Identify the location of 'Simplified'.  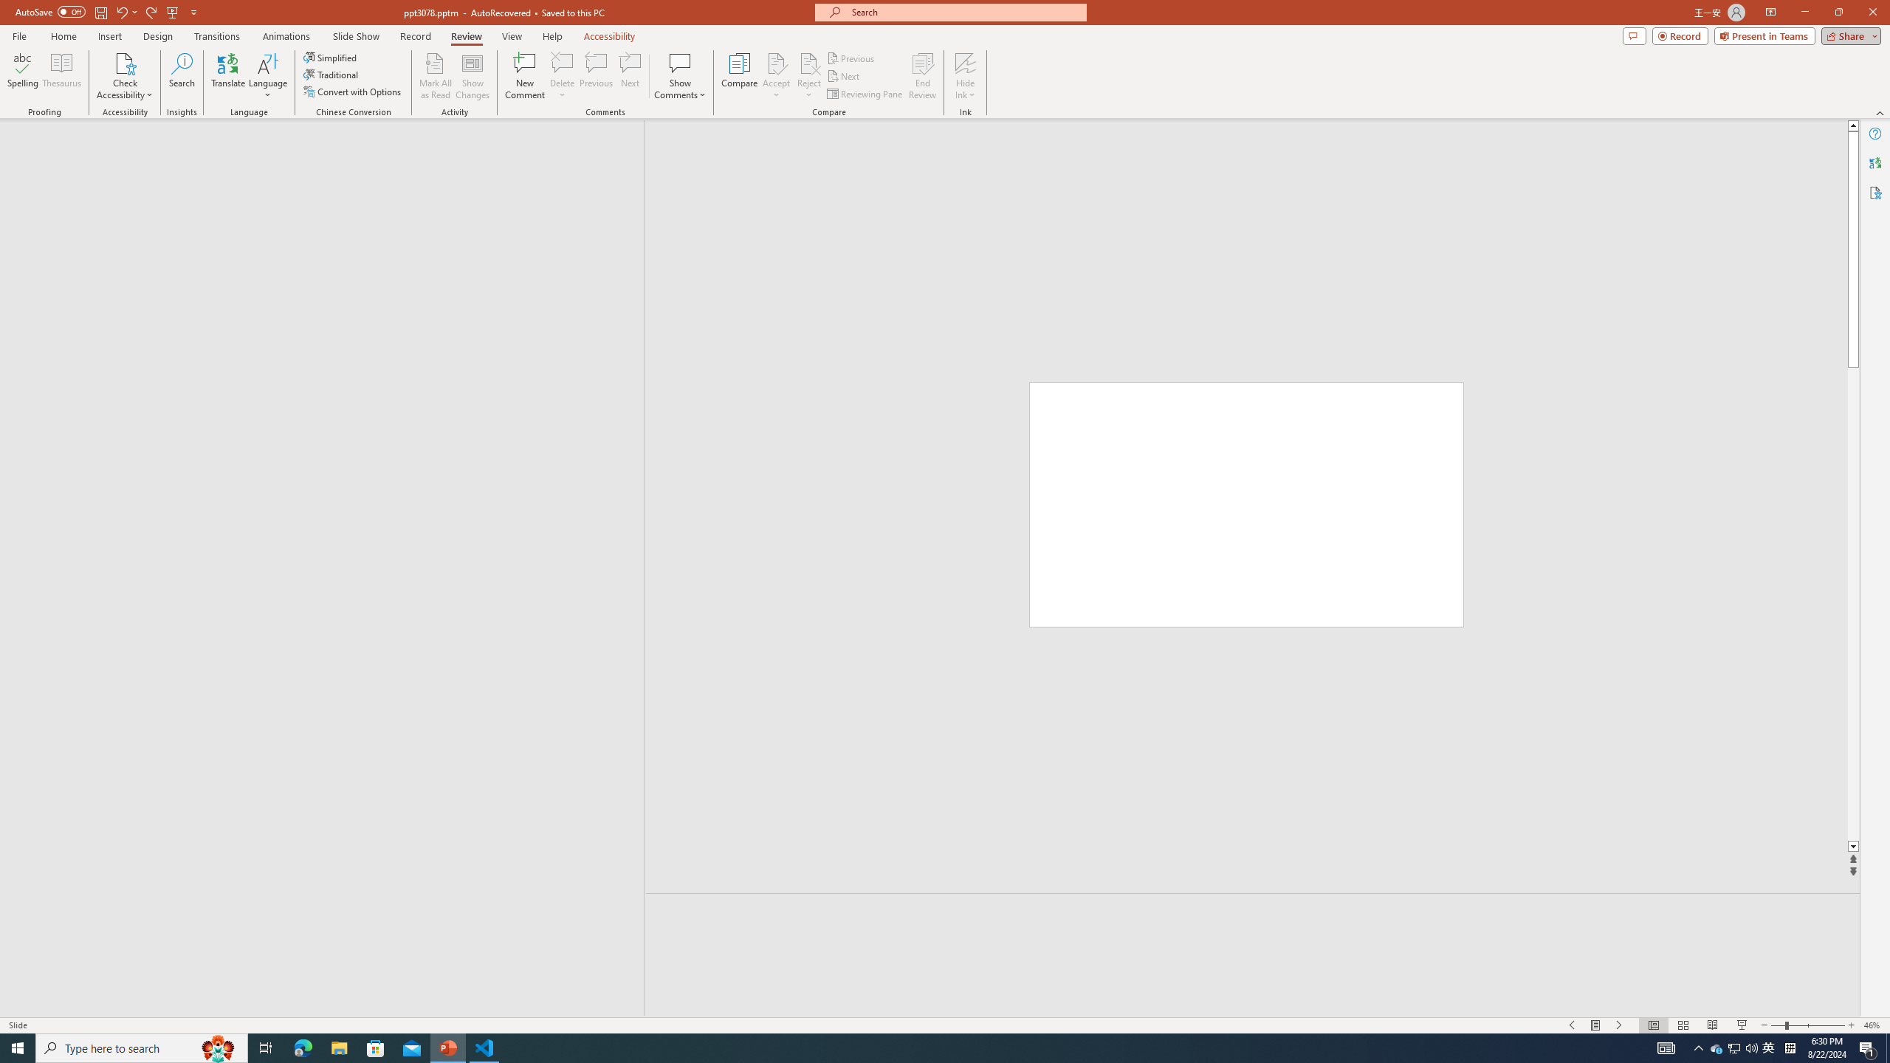
(331, 57).